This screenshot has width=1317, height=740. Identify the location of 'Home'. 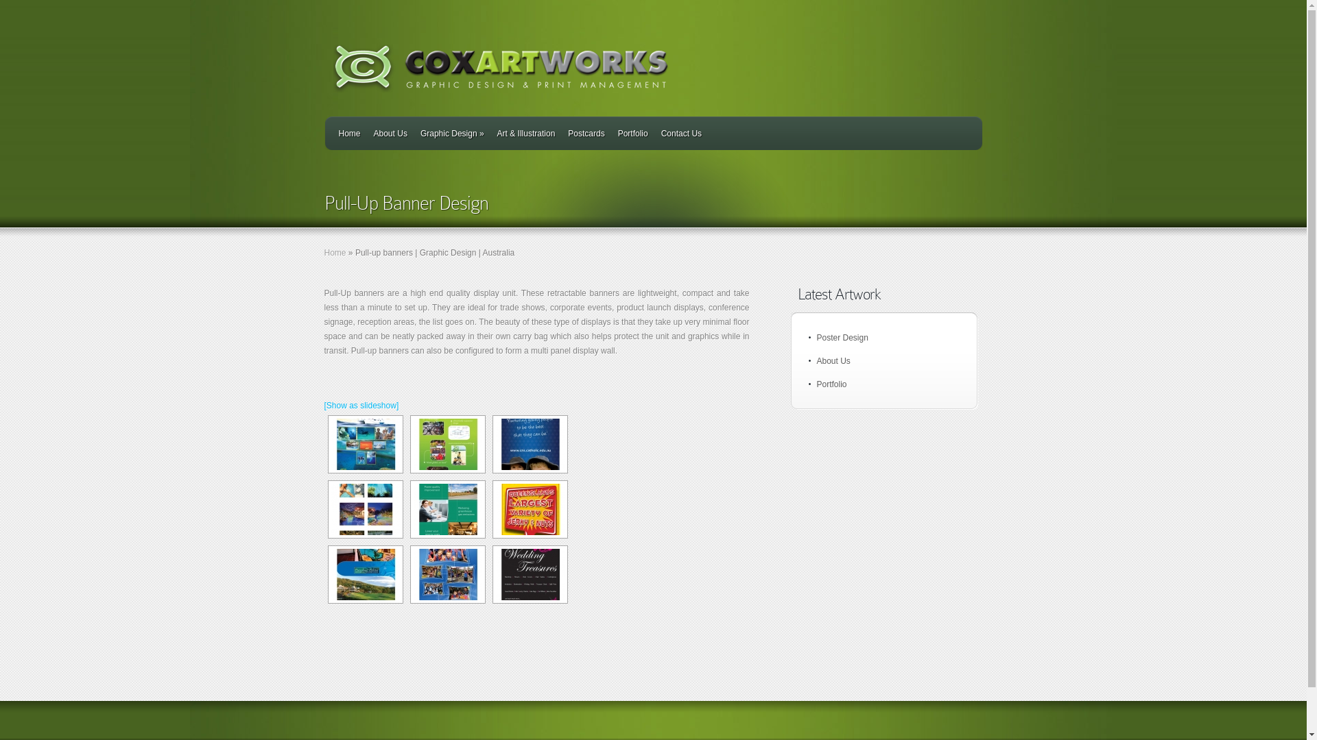
(335, 253).